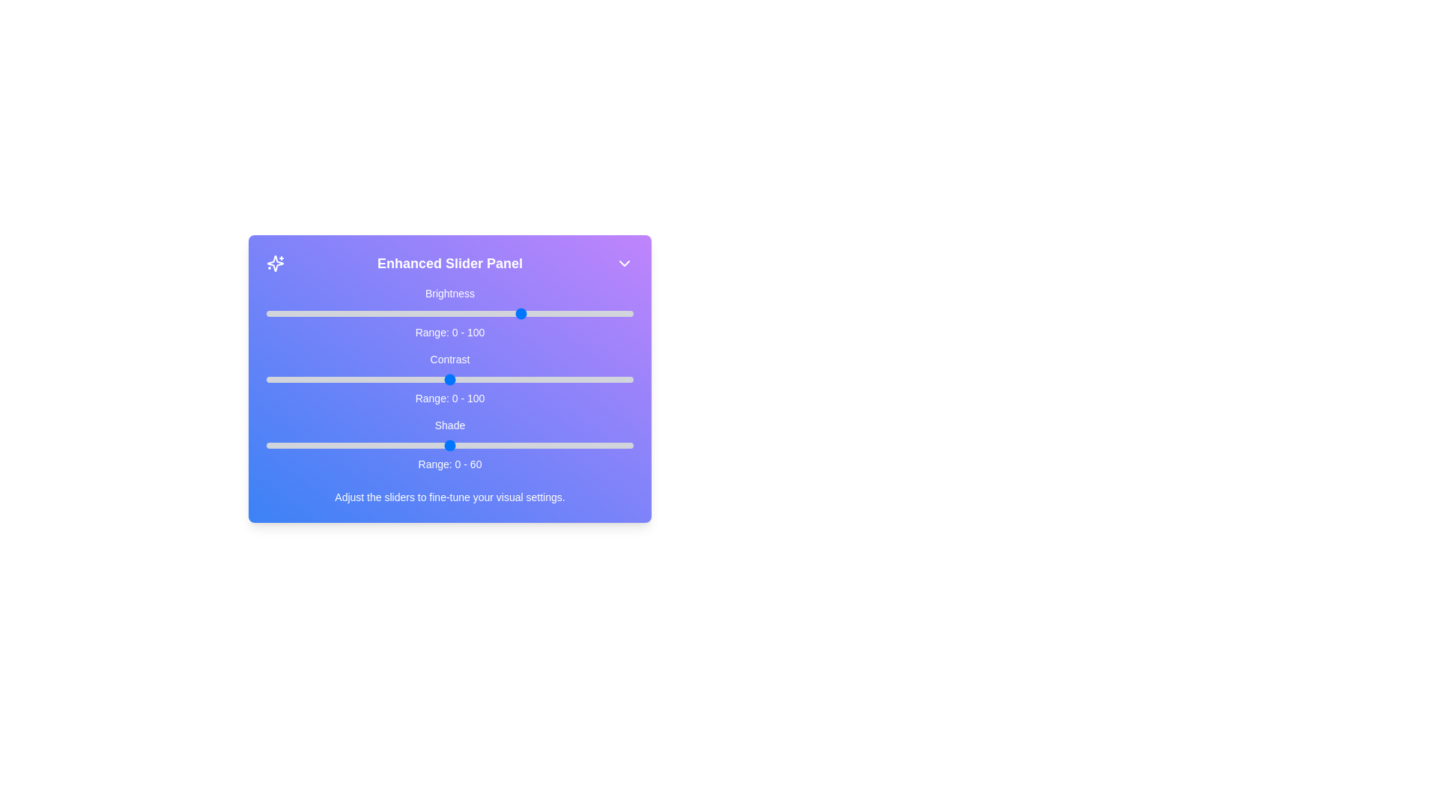 This screenshot has height=809, width=1438. I want to click on the 1 slider to 18, so click(332, 378).